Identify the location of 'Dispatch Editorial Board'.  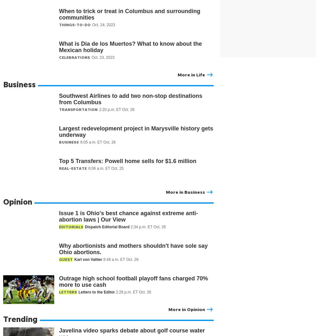
(107, 226).